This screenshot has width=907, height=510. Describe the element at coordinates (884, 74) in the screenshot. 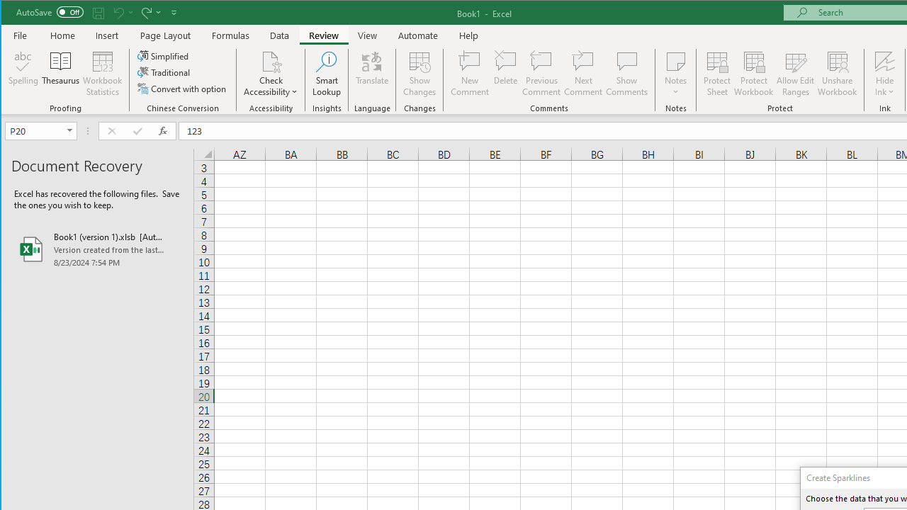

I see `'Hide Ink'` at that location.